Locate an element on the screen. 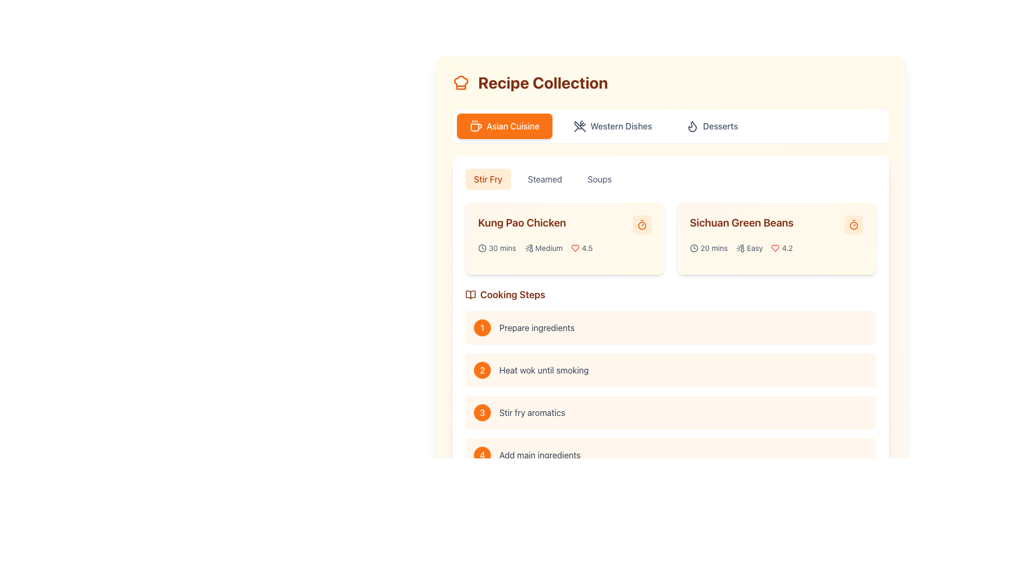 Image resolution: width=1019 pixels, height=573 pixels. the icon representing the Recipe Collection section, located at the top-left of the interface before the 'Recipe Collection' heading is located at coordinates (461, 82).